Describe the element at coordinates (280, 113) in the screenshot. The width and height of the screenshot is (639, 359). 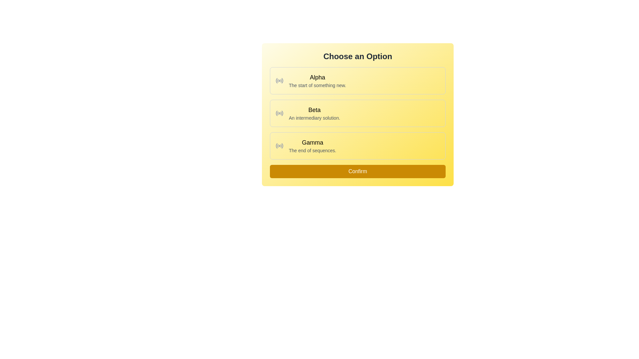
I see `the radio button styled as a circular outline with a dot in the center, located alongside the text 'Beta' in the second list option of the select menu` at that location.